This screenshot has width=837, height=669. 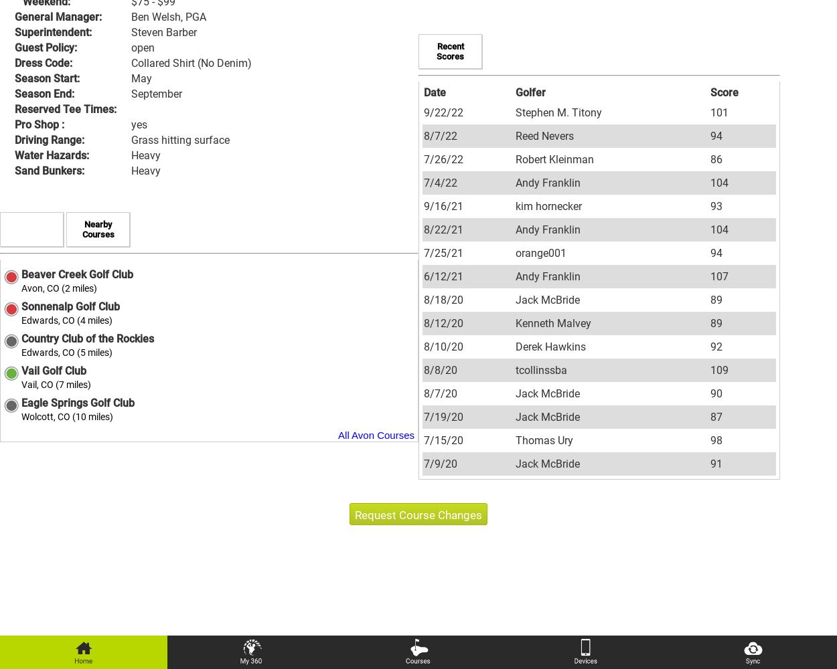 I want to click on '109', so click(x=710, y=369).